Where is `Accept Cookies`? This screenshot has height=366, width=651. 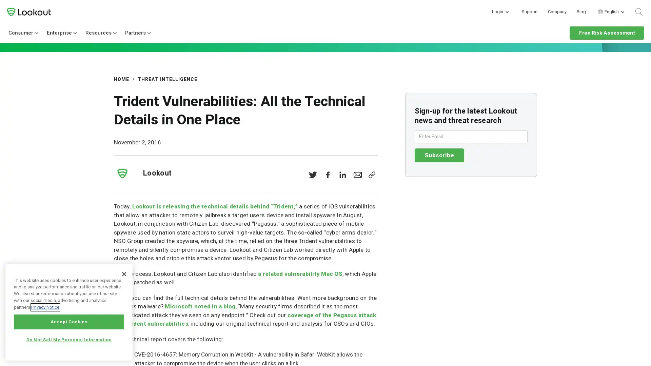 Accept Cookies is located at coordinates (69, 321).